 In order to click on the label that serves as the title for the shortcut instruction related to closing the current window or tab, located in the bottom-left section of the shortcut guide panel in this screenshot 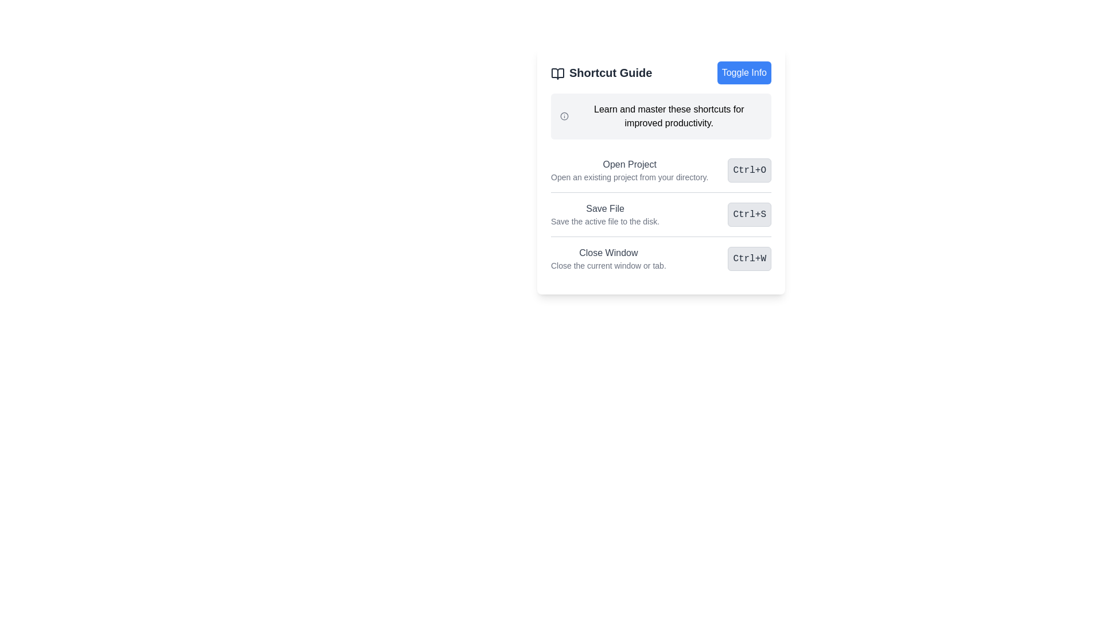, I will do `click(608, 252)`.